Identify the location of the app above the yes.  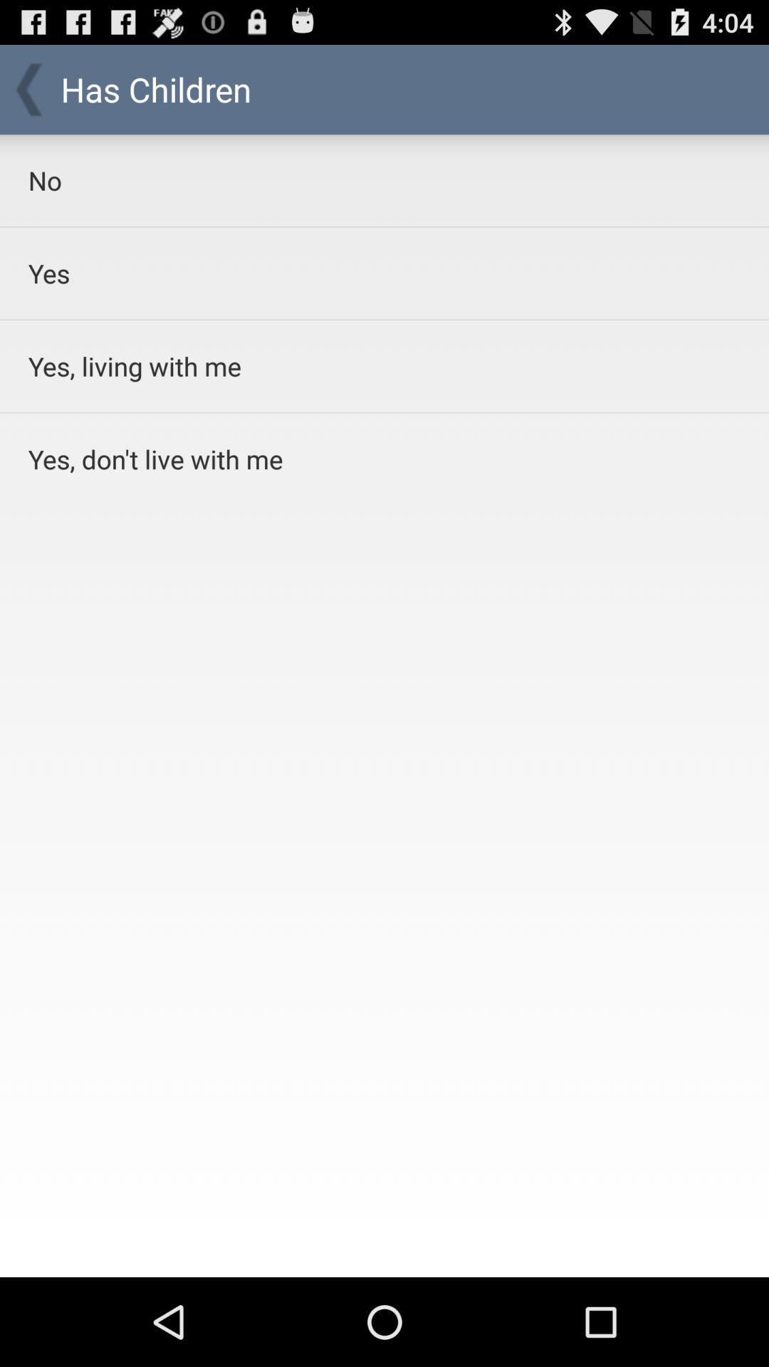
(348, 179).